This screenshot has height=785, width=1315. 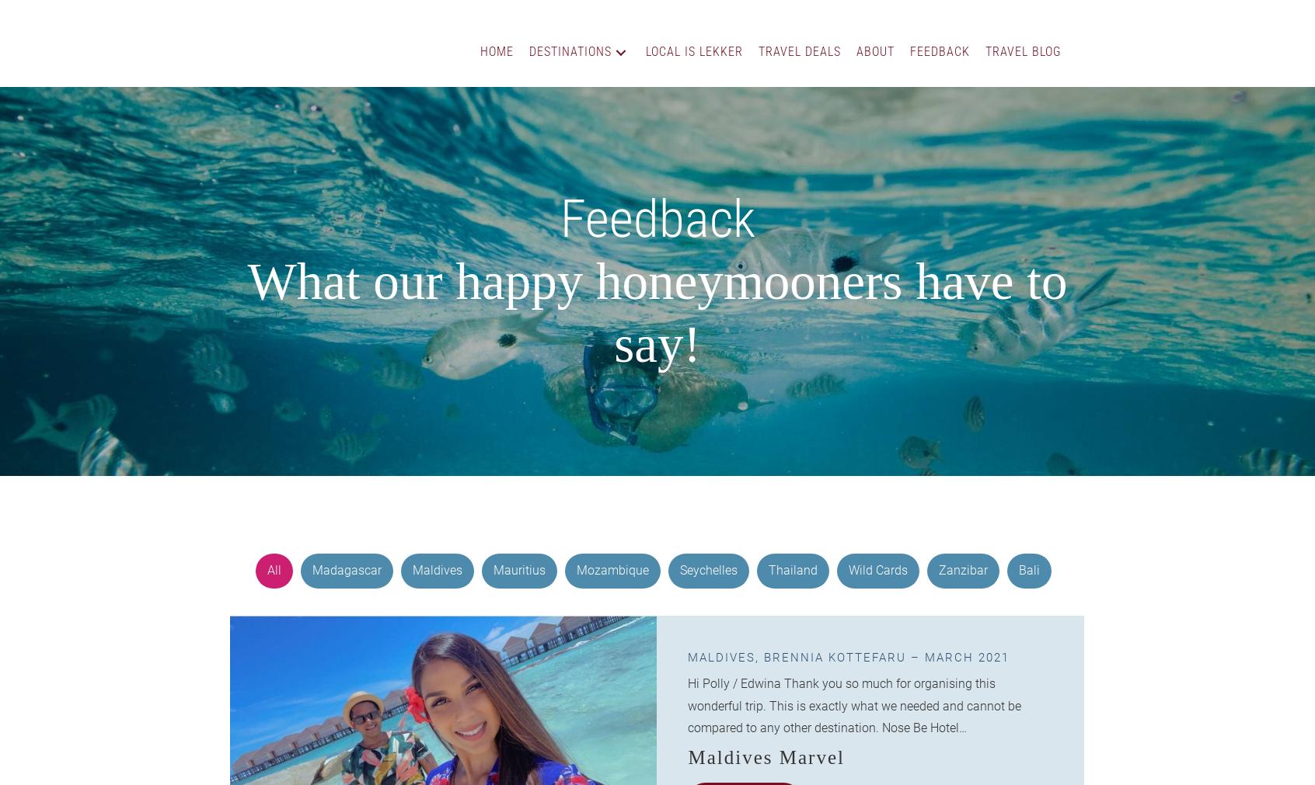 What do you see at coordinates (273, 569) in the screenshot?
I see `'All'` at bounding box center [273, 569].